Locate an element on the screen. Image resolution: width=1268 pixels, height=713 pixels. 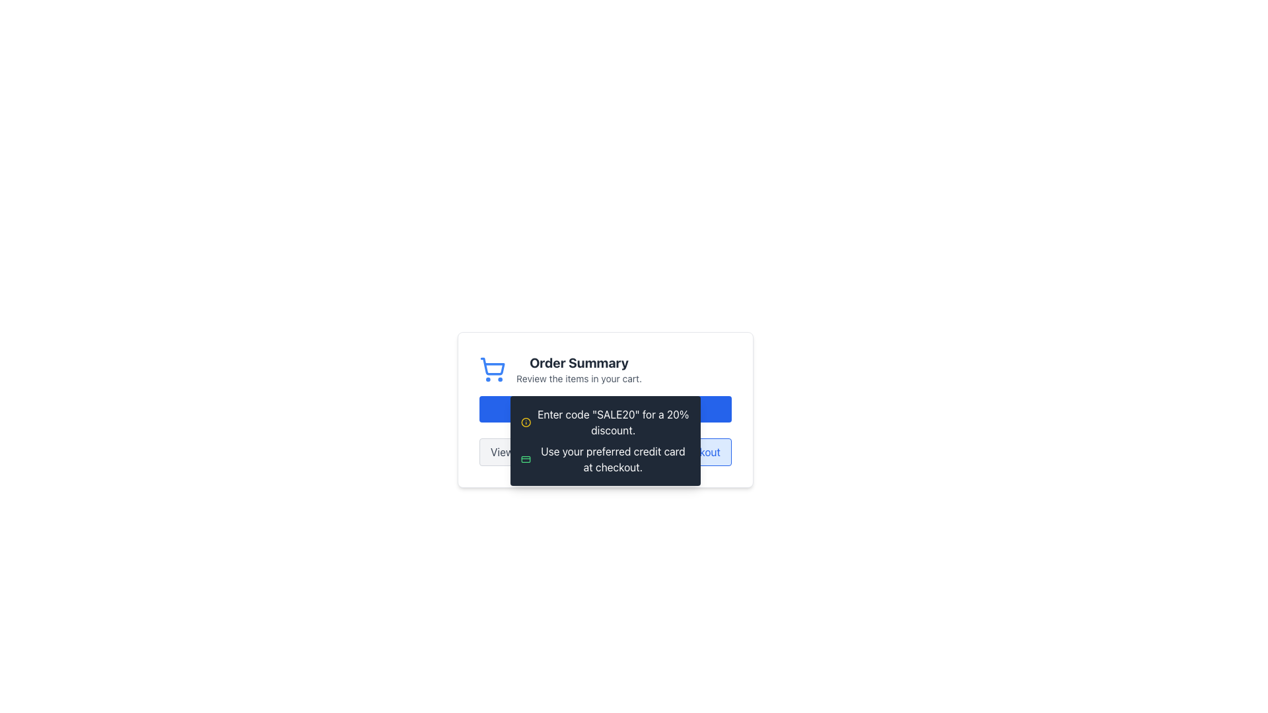
text message 'Use your preferred credit card at checkout.' located as the second line within a central pop-up box, directly beneath the line stating 'Enter code "SALE20" for a 20% discount.' is located at coordinates (604, 458).